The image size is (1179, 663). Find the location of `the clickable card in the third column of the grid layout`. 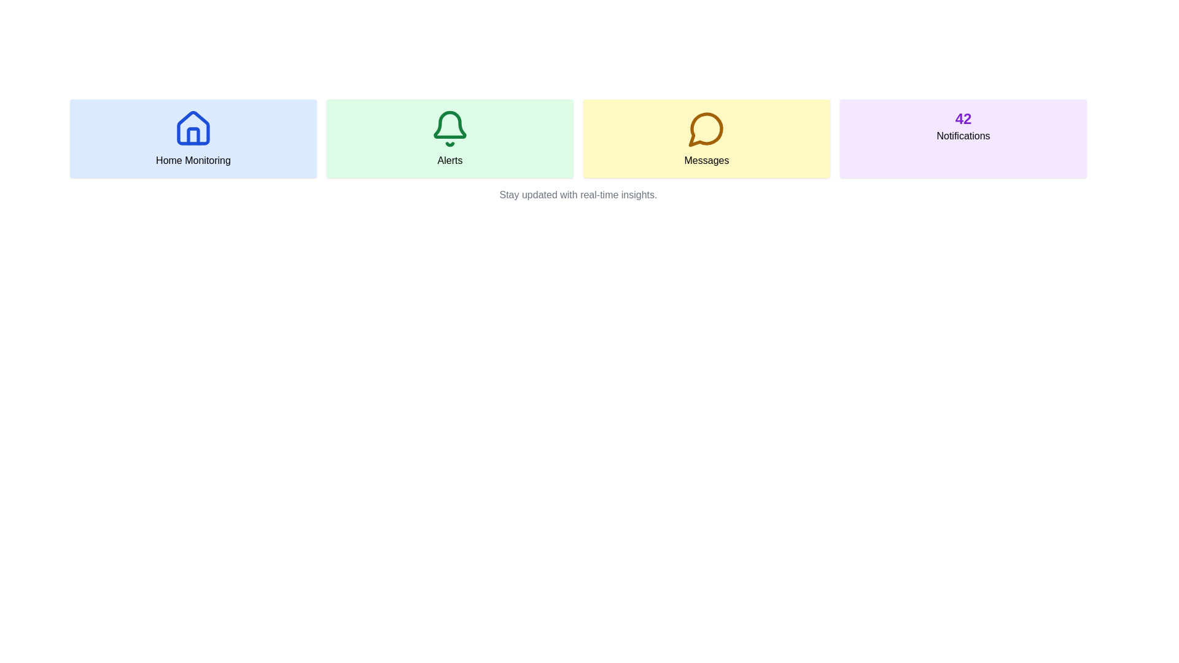

the clickable card in the third column of the grid layout is located at coordinates (707, 138).